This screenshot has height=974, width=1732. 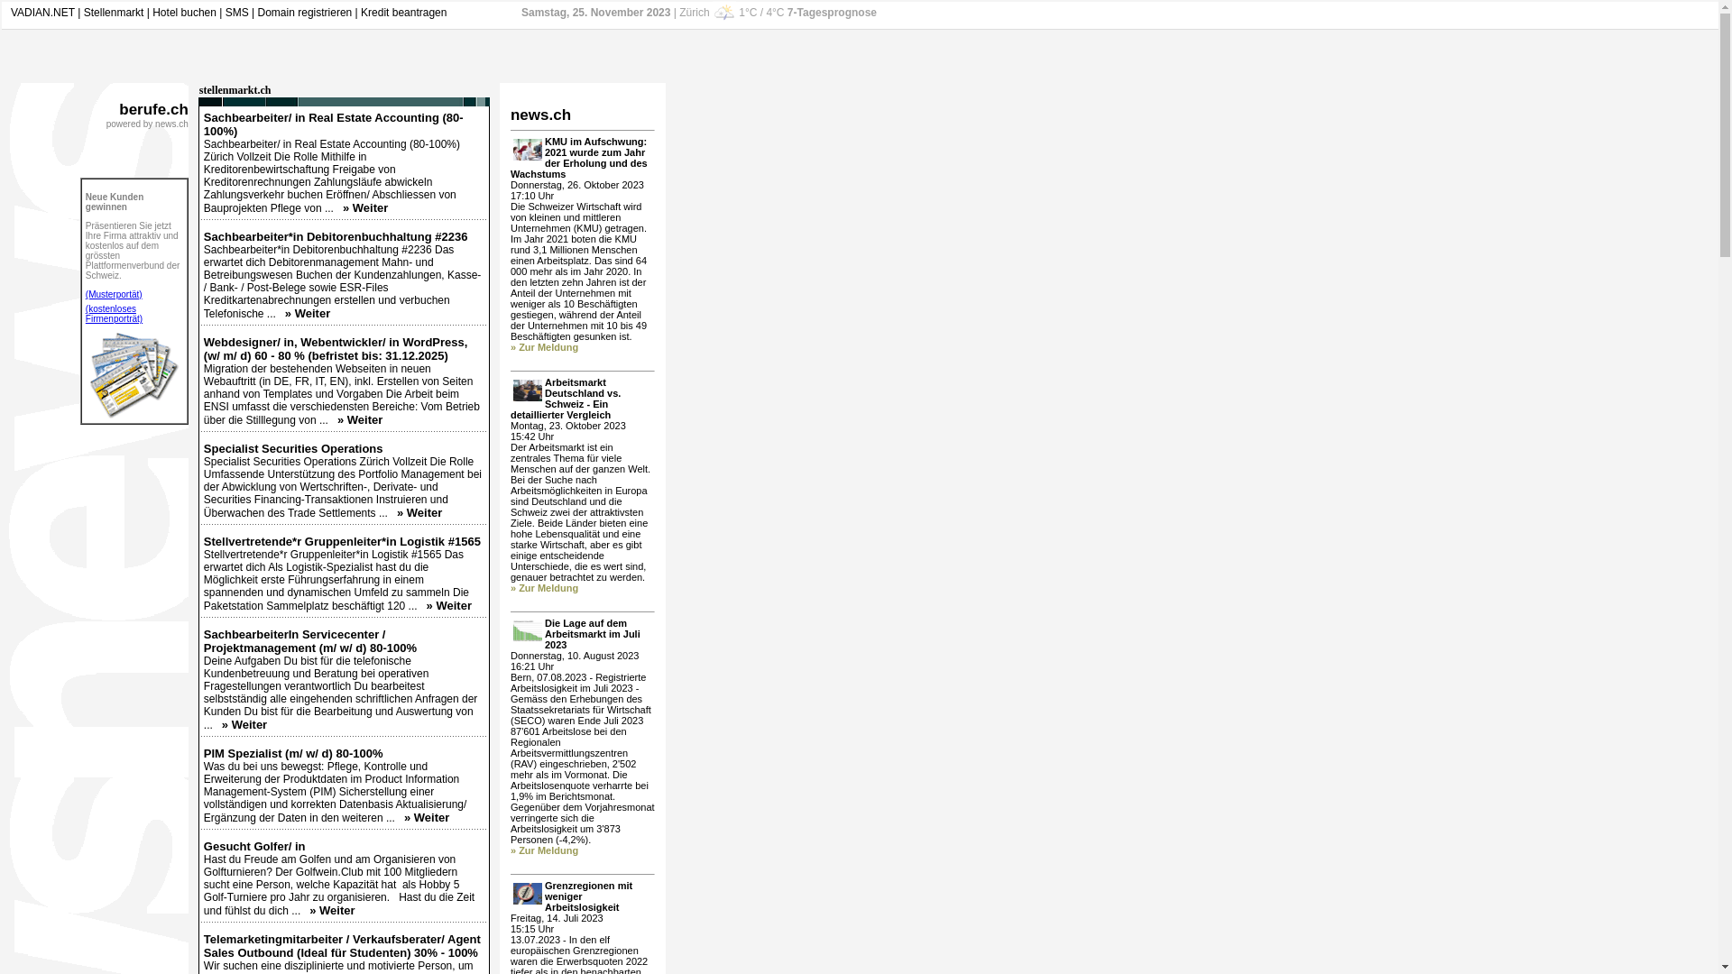 I want to click on 'Hotel buchen', so click(x=184, y=13).